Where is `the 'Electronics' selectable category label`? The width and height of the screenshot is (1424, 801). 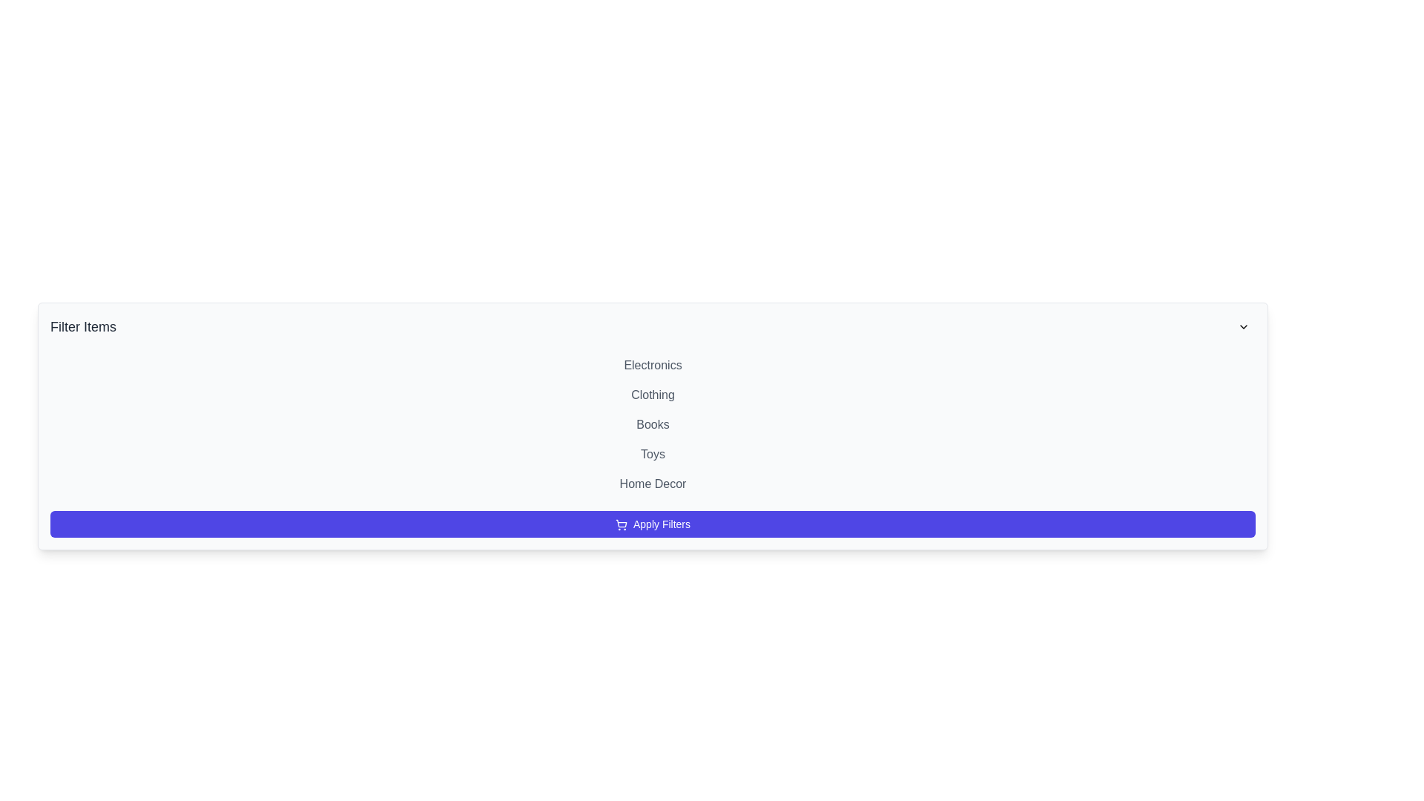 the 'Electronics' selectable category label is located at coordinates (653, 366).